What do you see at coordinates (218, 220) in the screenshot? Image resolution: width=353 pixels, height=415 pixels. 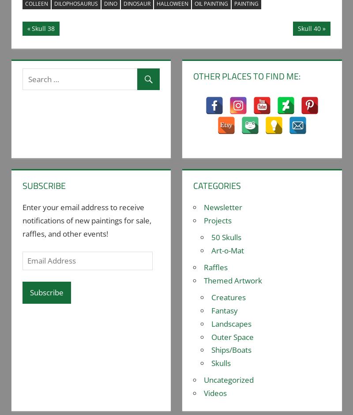 I see `'Projects'` at bounding box center [218, 220].